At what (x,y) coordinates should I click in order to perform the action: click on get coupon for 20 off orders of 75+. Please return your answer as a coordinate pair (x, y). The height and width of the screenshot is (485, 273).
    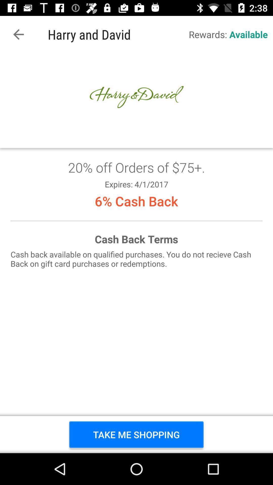
    Looking at the image, I should click on (136, 253).